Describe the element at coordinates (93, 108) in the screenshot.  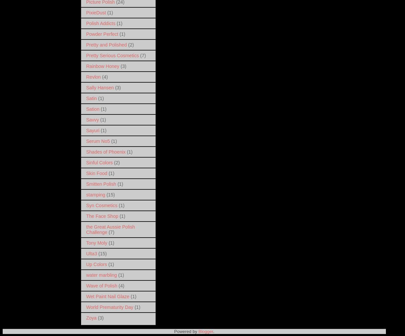
I see `'Sation'` at that location.